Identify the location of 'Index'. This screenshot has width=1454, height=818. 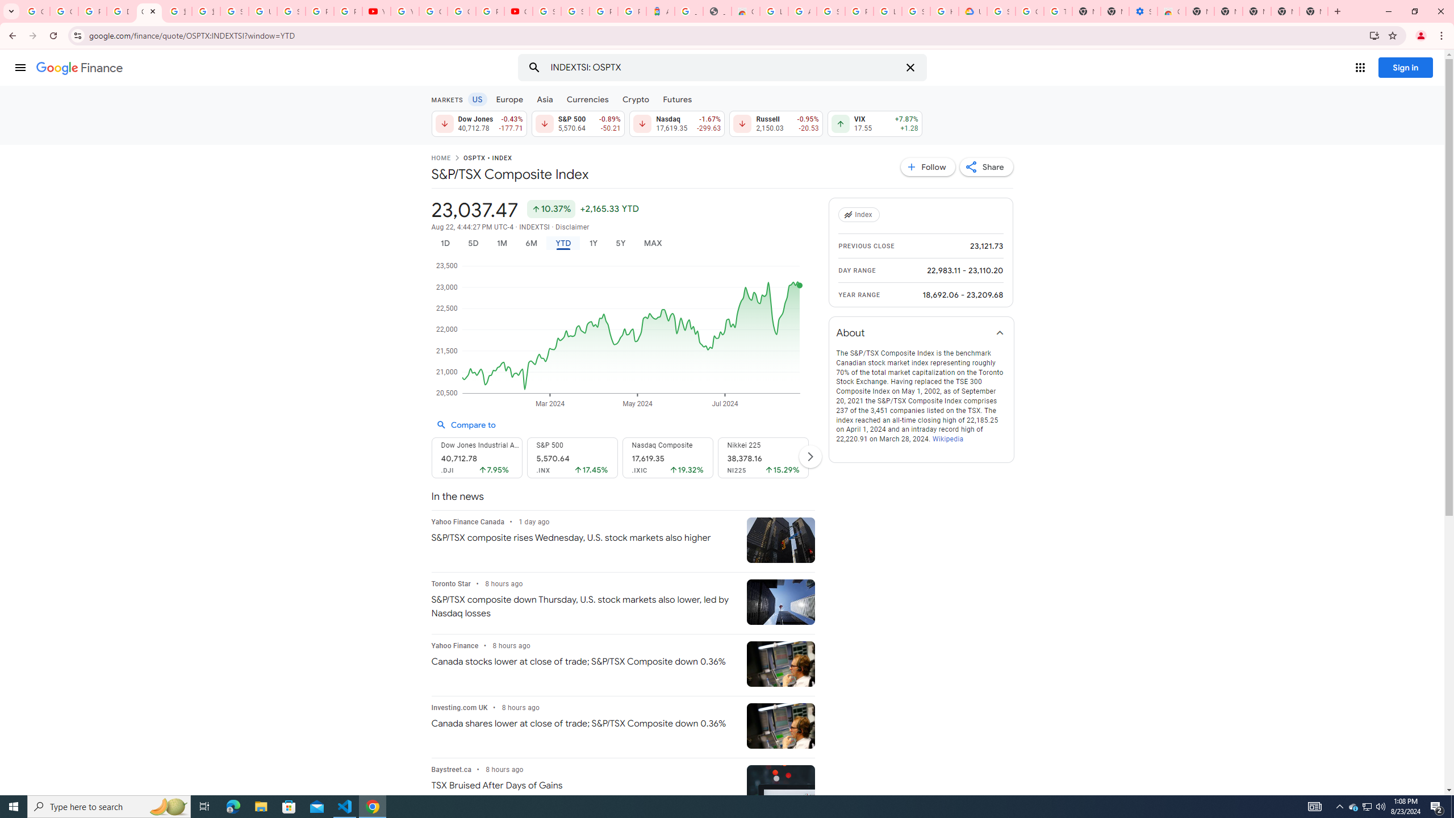
(860, 215).